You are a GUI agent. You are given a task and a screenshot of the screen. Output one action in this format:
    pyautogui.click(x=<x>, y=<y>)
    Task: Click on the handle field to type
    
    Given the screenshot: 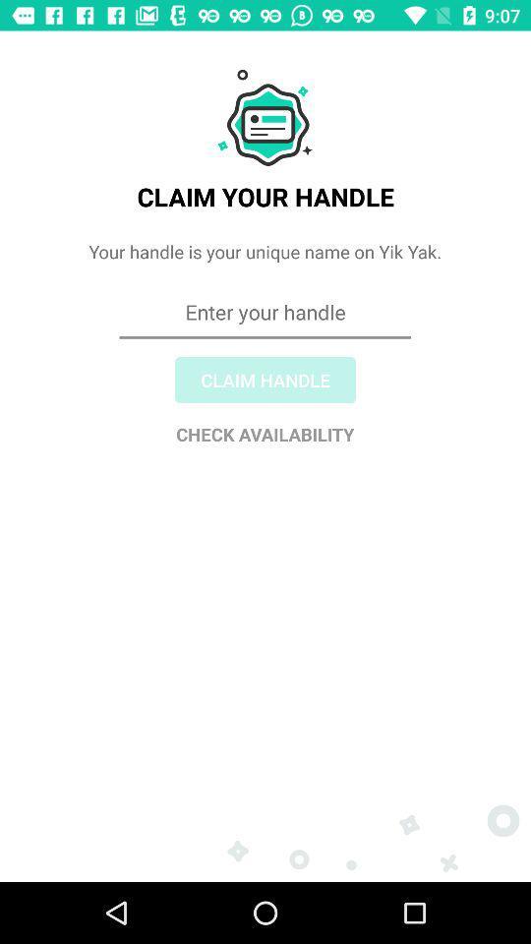 What is the action you would take?
    pyautogui.click(x=265, y=383)
    